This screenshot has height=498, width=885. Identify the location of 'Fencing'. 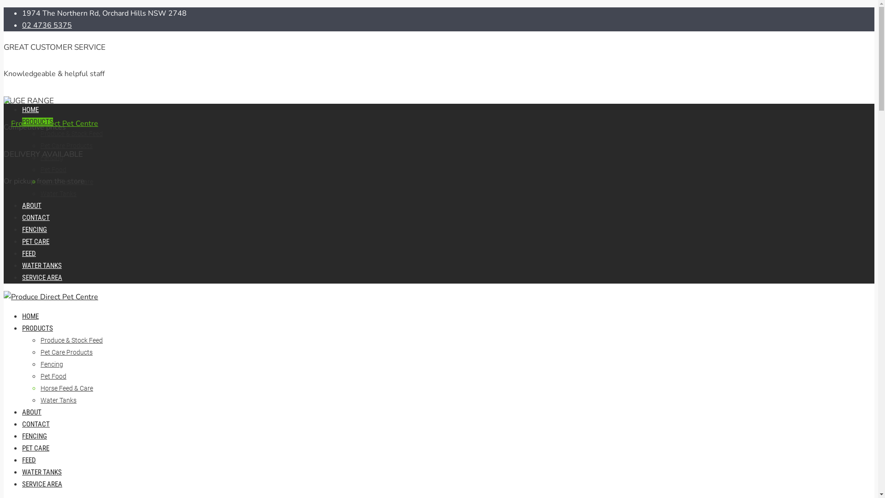
(40, 364).